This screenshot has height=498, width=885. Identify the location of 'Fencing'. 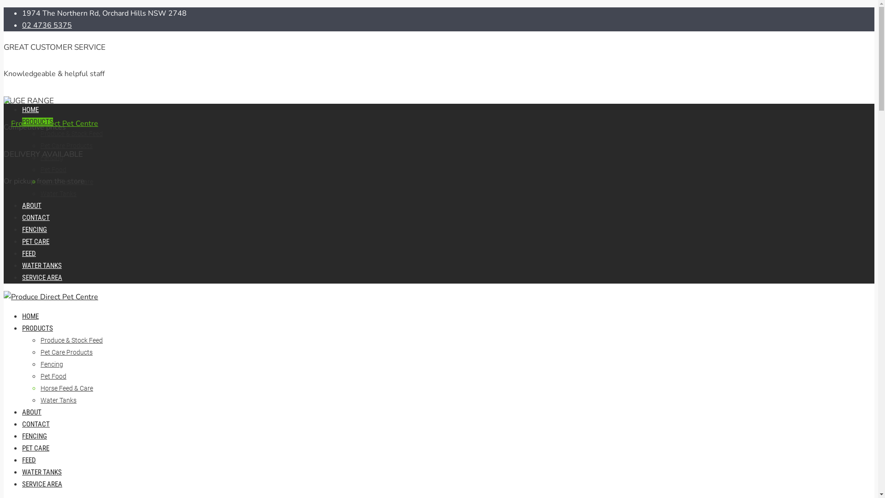
(40, 364).